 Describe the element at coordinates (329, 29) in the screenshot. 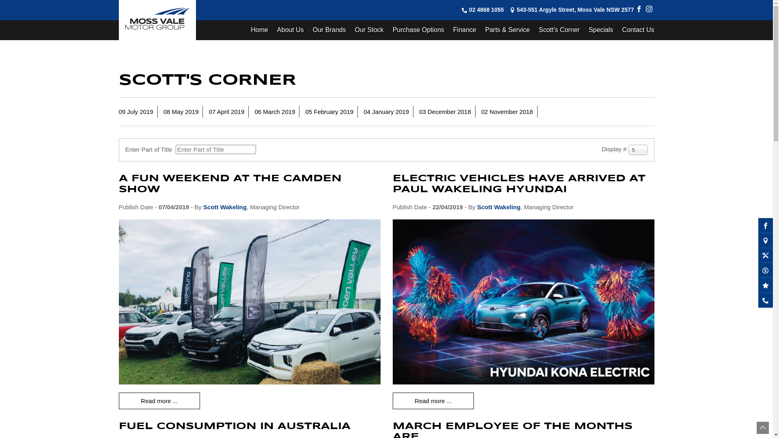

I see `'Our Brands'` at that location.